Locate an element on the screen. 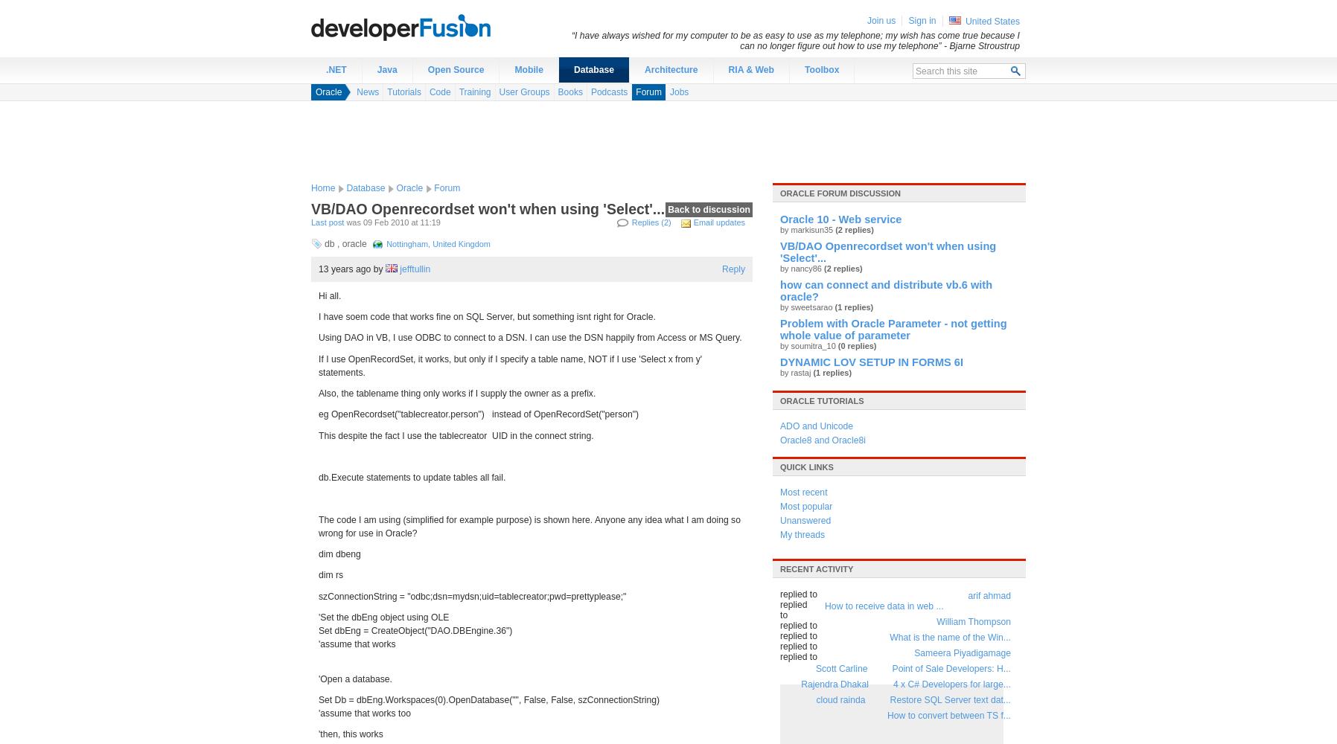 The image size is (1337, 744). 'Sameera Piyadigamage' is located at coordinates (962, 653).